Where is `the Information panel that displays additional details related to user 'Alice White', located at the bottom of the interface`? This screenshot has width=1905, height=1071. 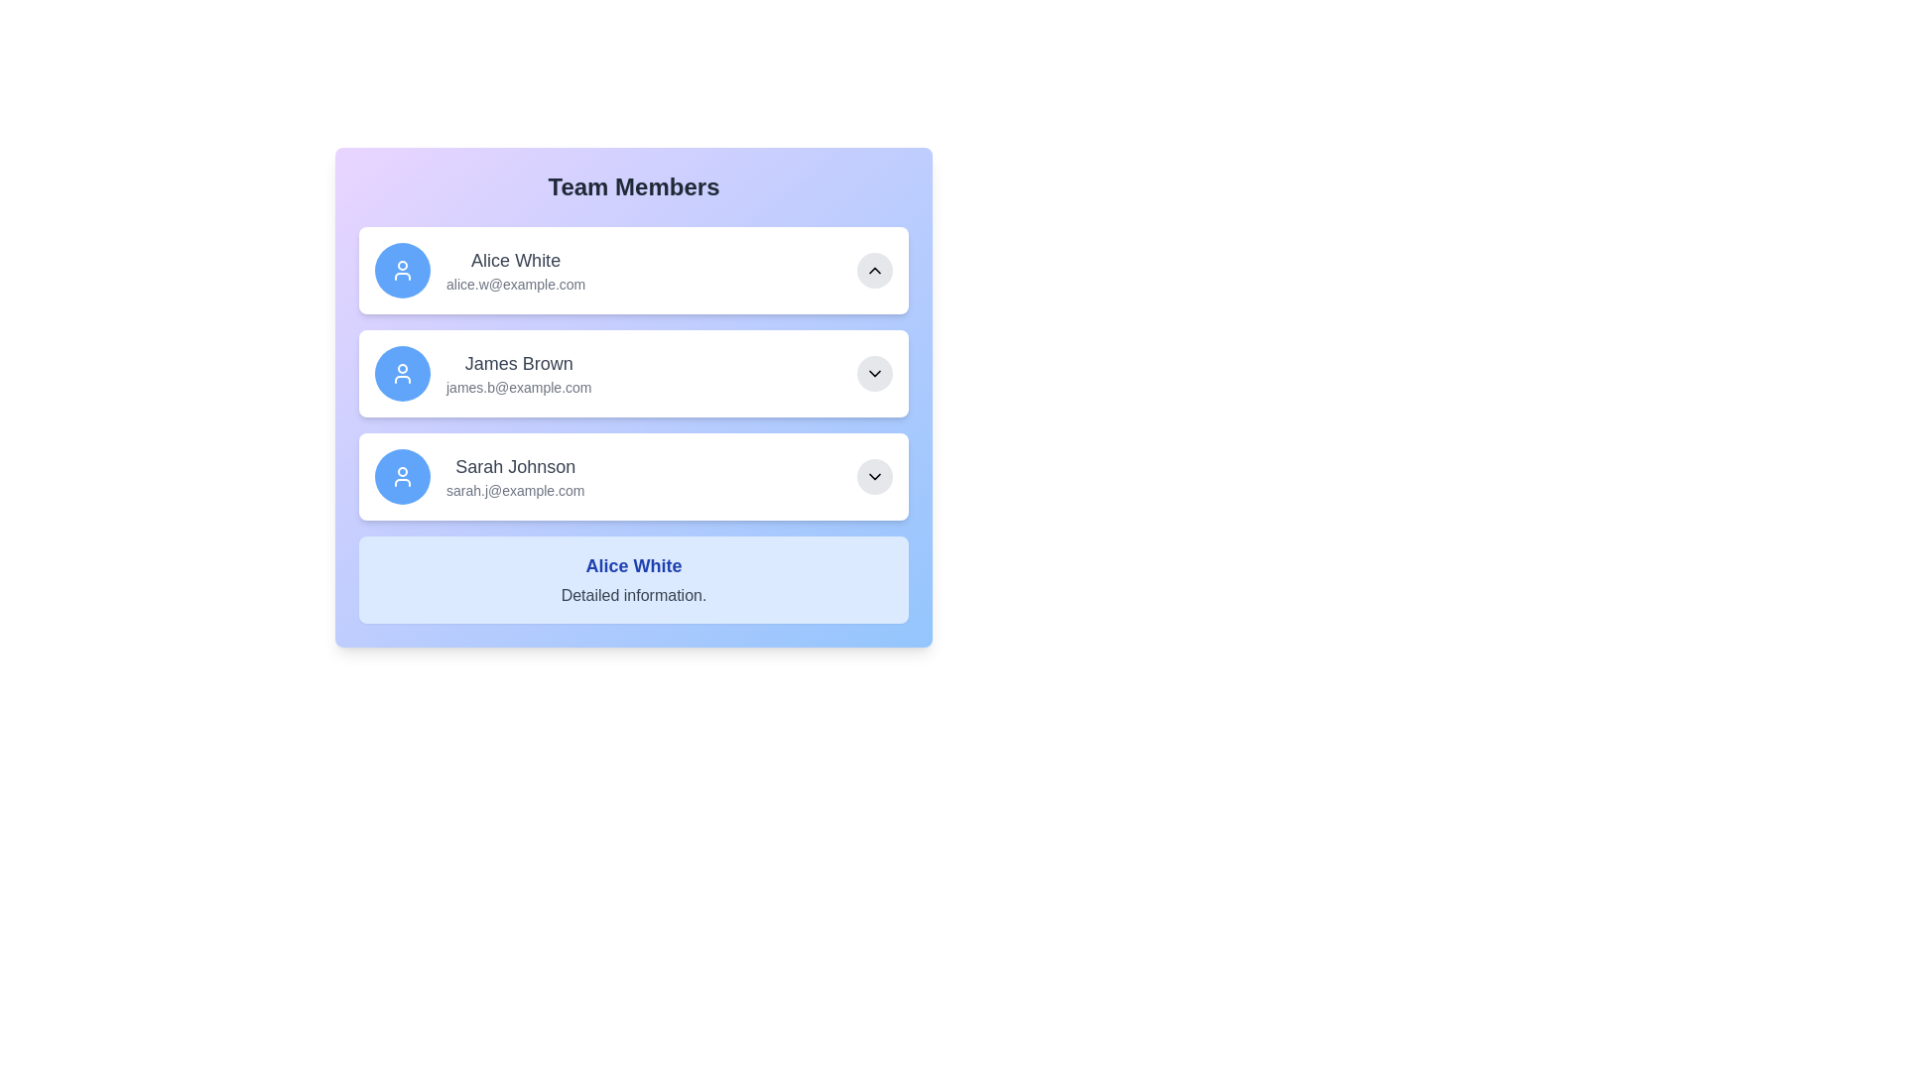
the Information panel that displays additional details related to user 'Alice White', located at the bottom of the interface is located at coordinates (632, 580).